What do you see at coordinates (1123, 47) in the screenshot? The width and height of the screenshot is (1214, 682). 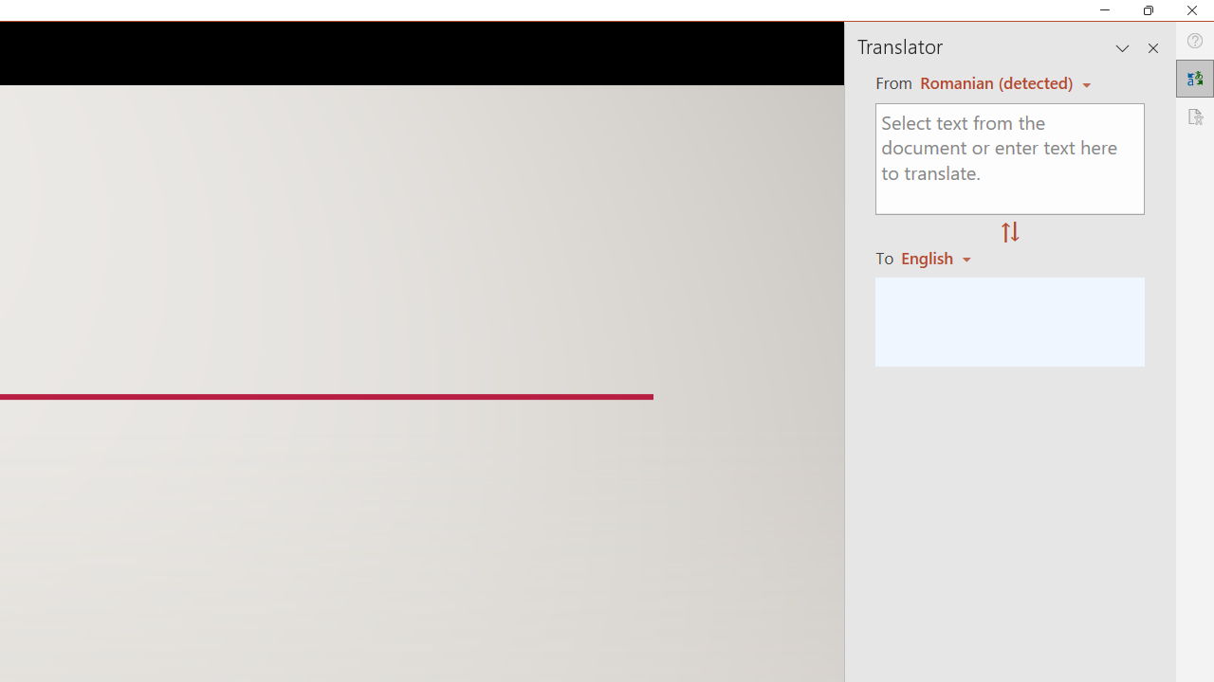 I see `'Task Pane Options'` at bounding box center [1123, 47].